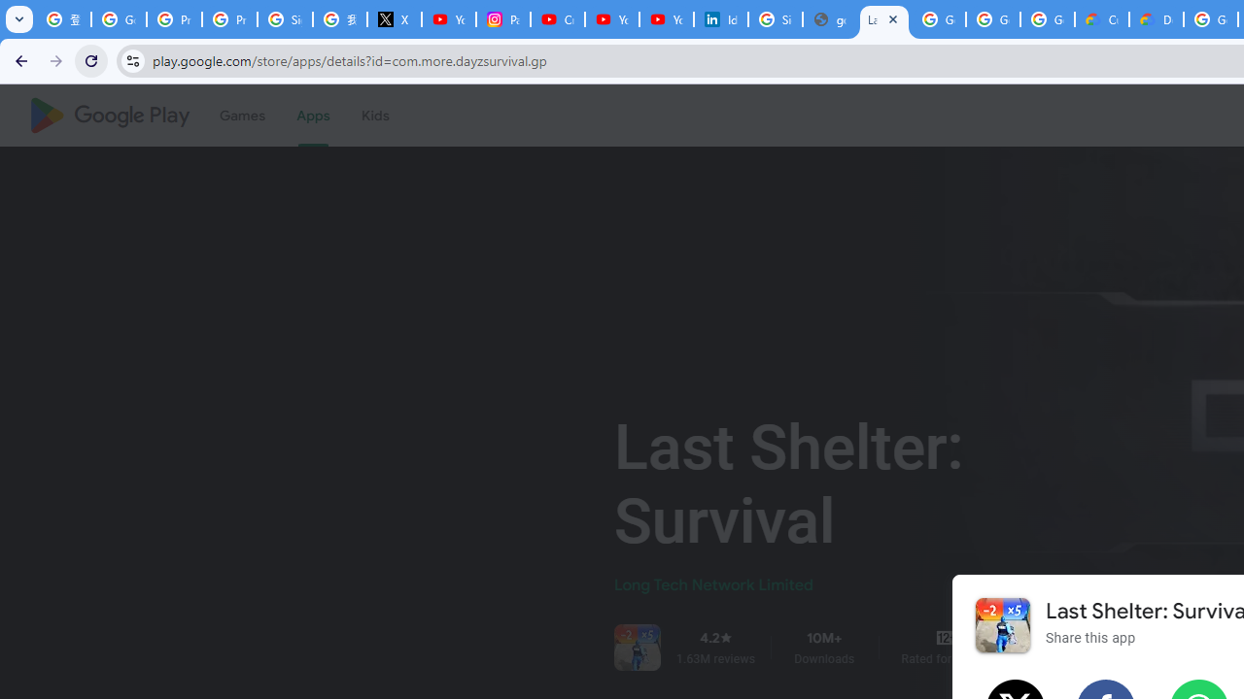  I want to click on 'YouTube Culture & Trends - YouTube Top 10, 2021', so click(667, 19).